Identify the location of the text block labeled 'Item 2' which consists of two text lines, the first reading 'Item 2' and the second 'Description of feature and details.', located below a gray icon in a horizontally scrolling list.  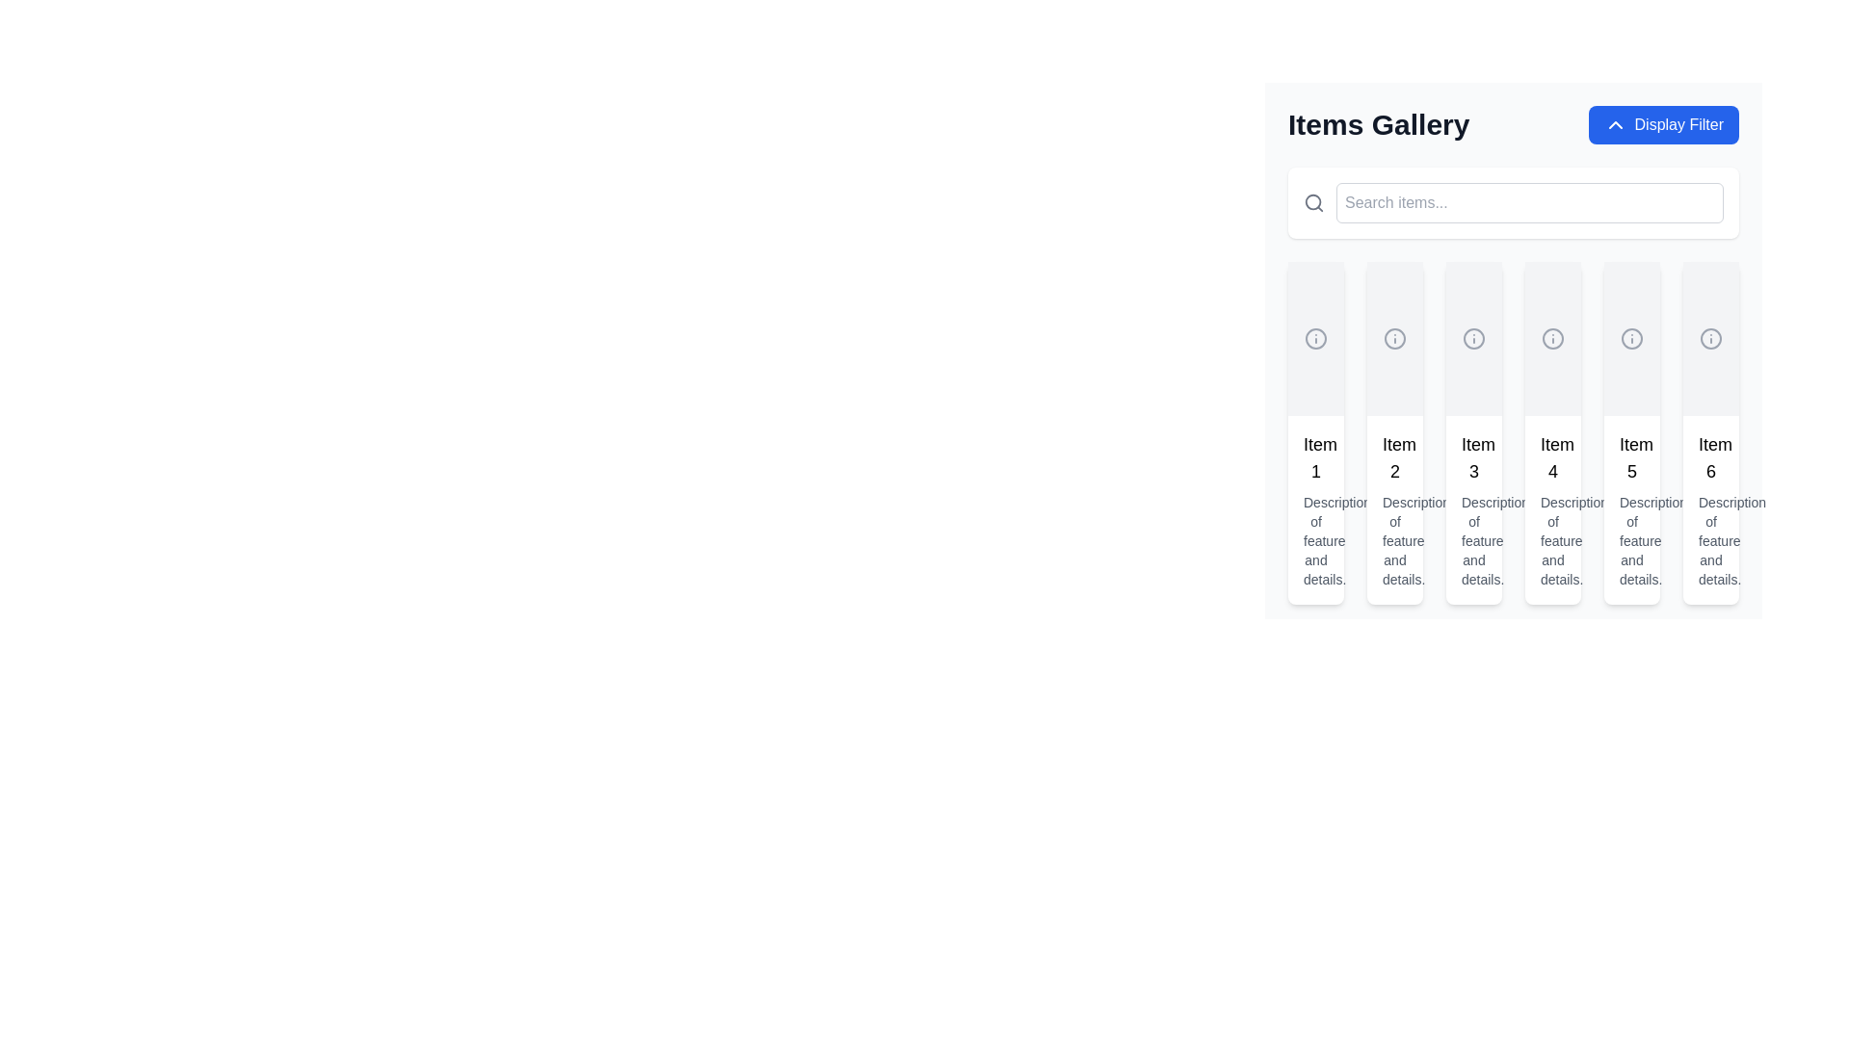
(1395, 508).